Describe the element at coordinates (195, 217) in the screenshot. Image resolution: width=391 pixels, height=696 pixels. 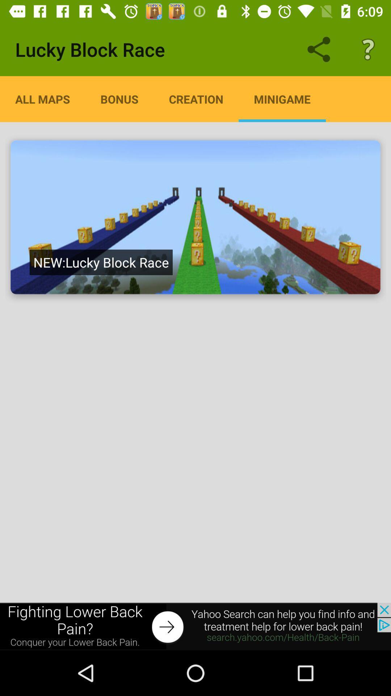
I see `newlucky block race image` at that location.